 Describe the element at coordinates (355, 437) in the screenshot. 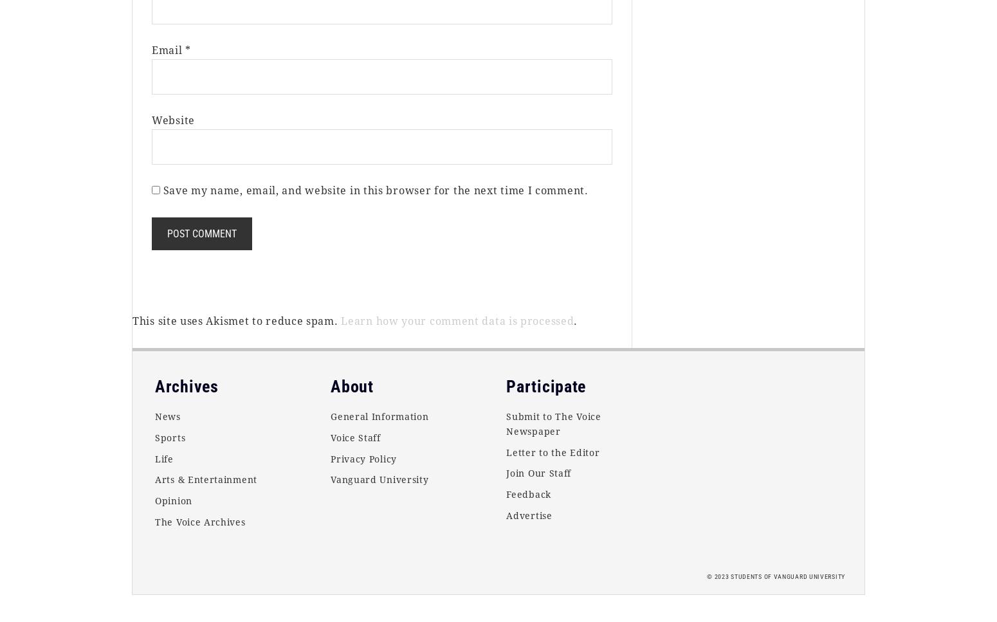

I see `'Voice Staff'` at that location.